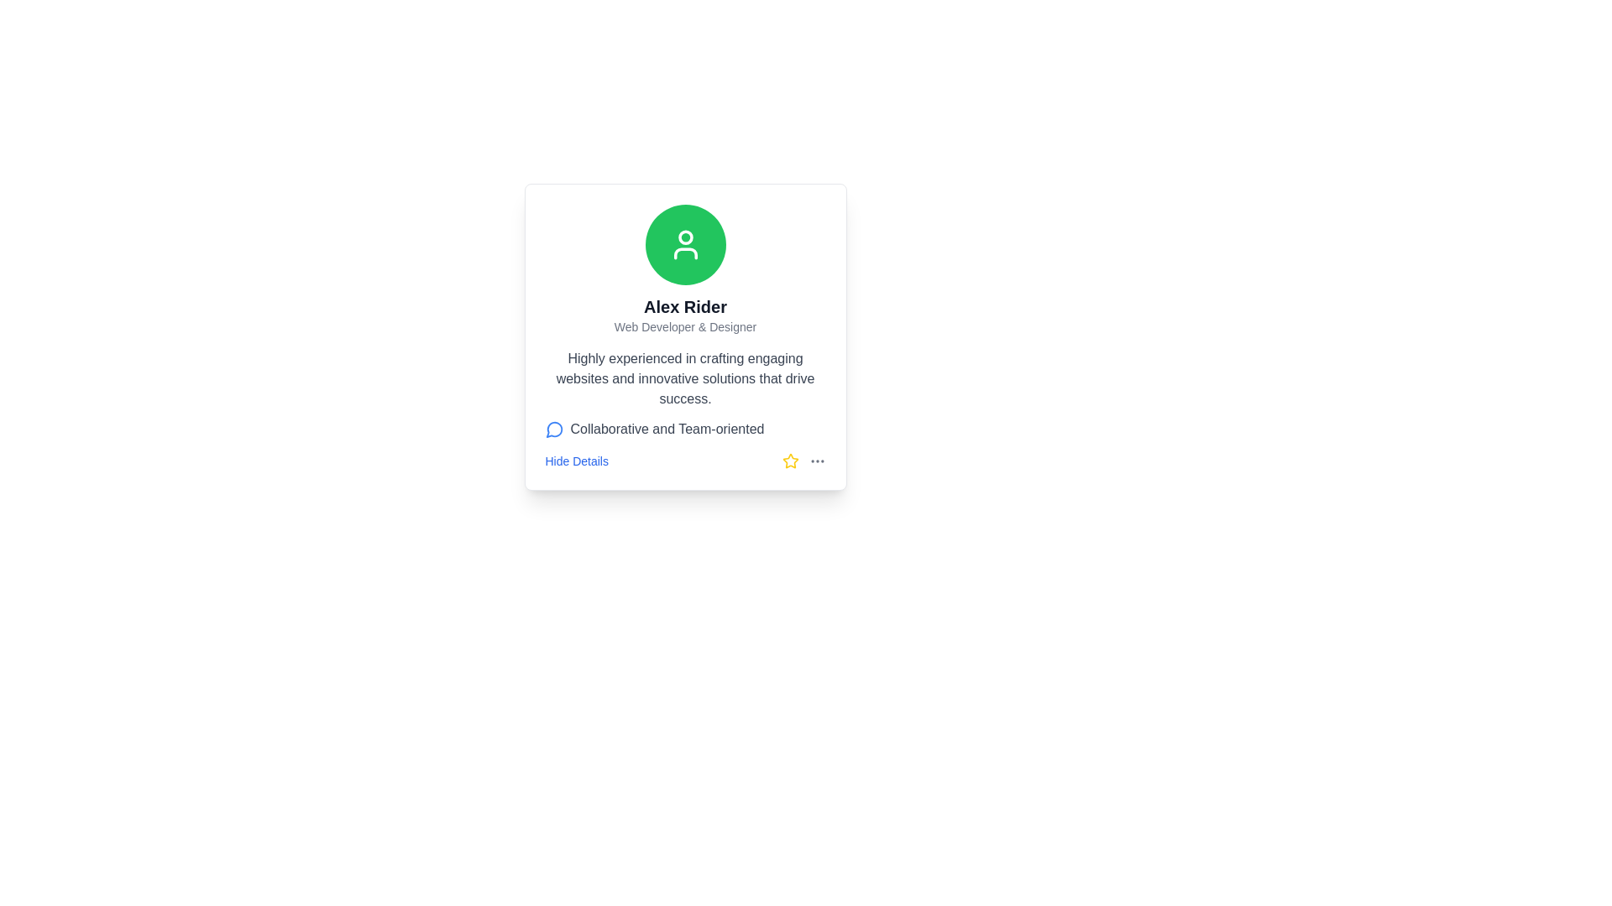 This screenshot has height=906, width=1612. What do you see at coordinates (685, 245) in the screenshot?
I see `the profile icon located at the top-center of the profile information card, which is situated inside a circular green area` at bounding box center [685, 245].